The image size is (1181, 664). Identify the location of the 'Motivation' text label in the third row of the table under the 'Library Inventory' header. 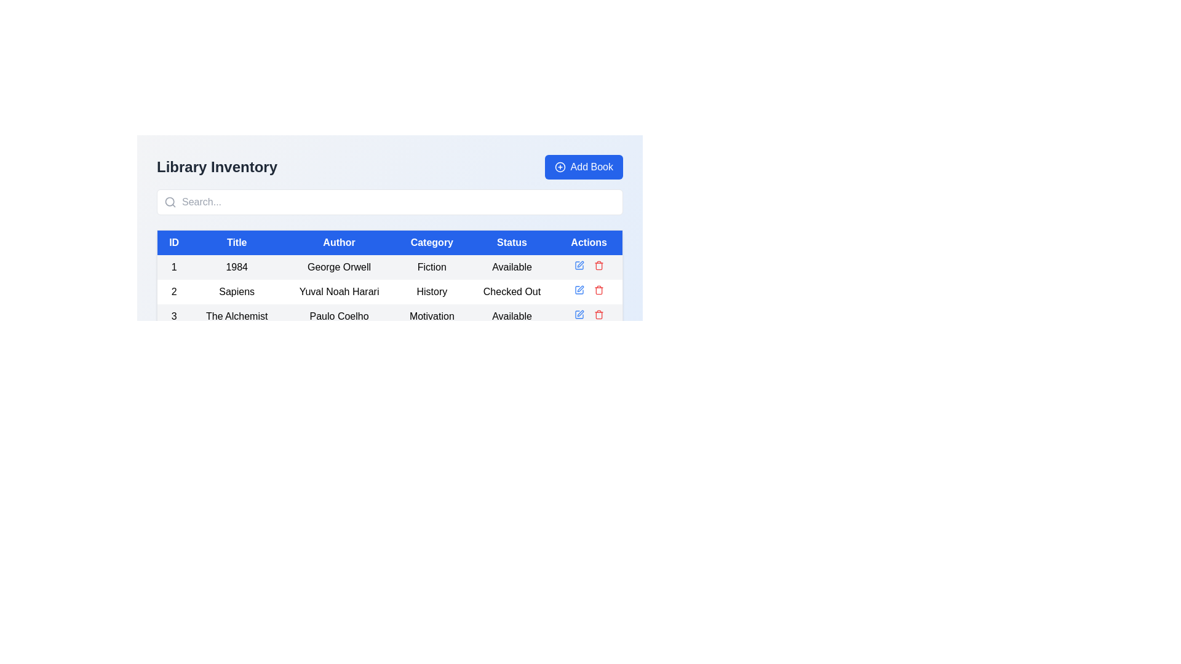
(432, 316).